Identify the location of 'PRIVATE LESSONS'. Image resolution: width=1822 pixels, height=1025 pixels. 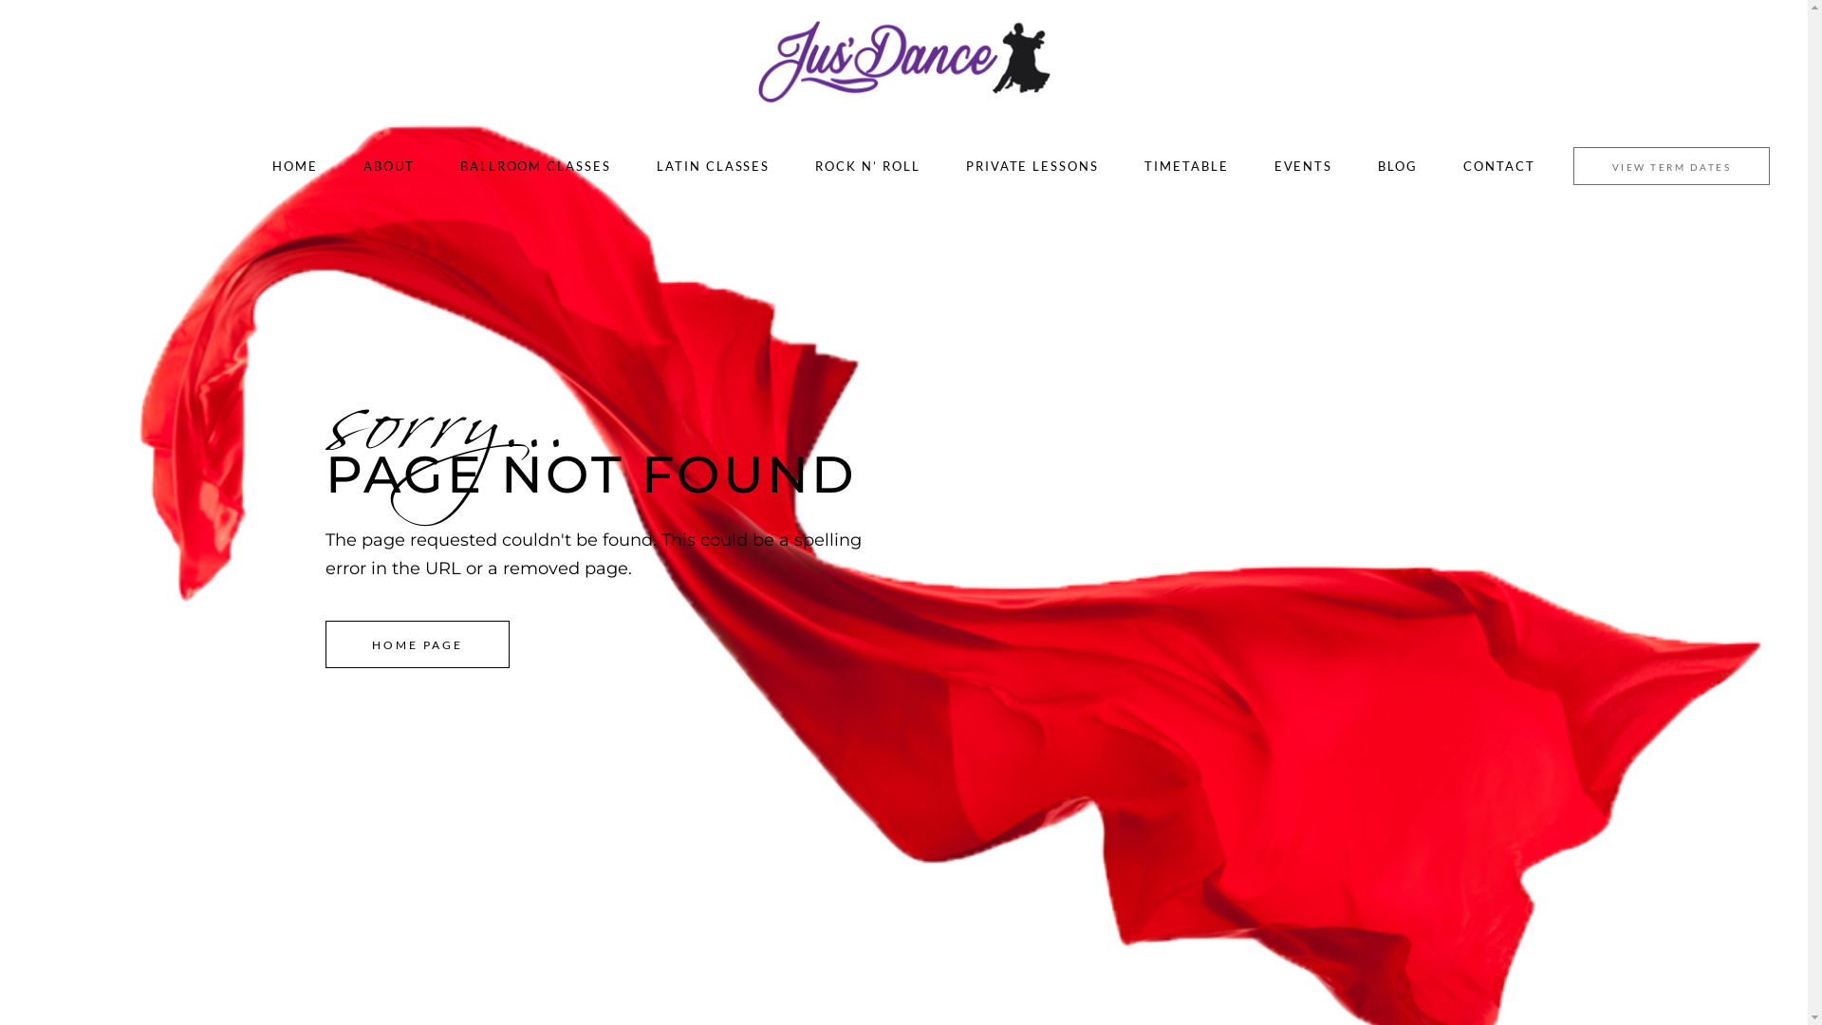
(1032, 164).